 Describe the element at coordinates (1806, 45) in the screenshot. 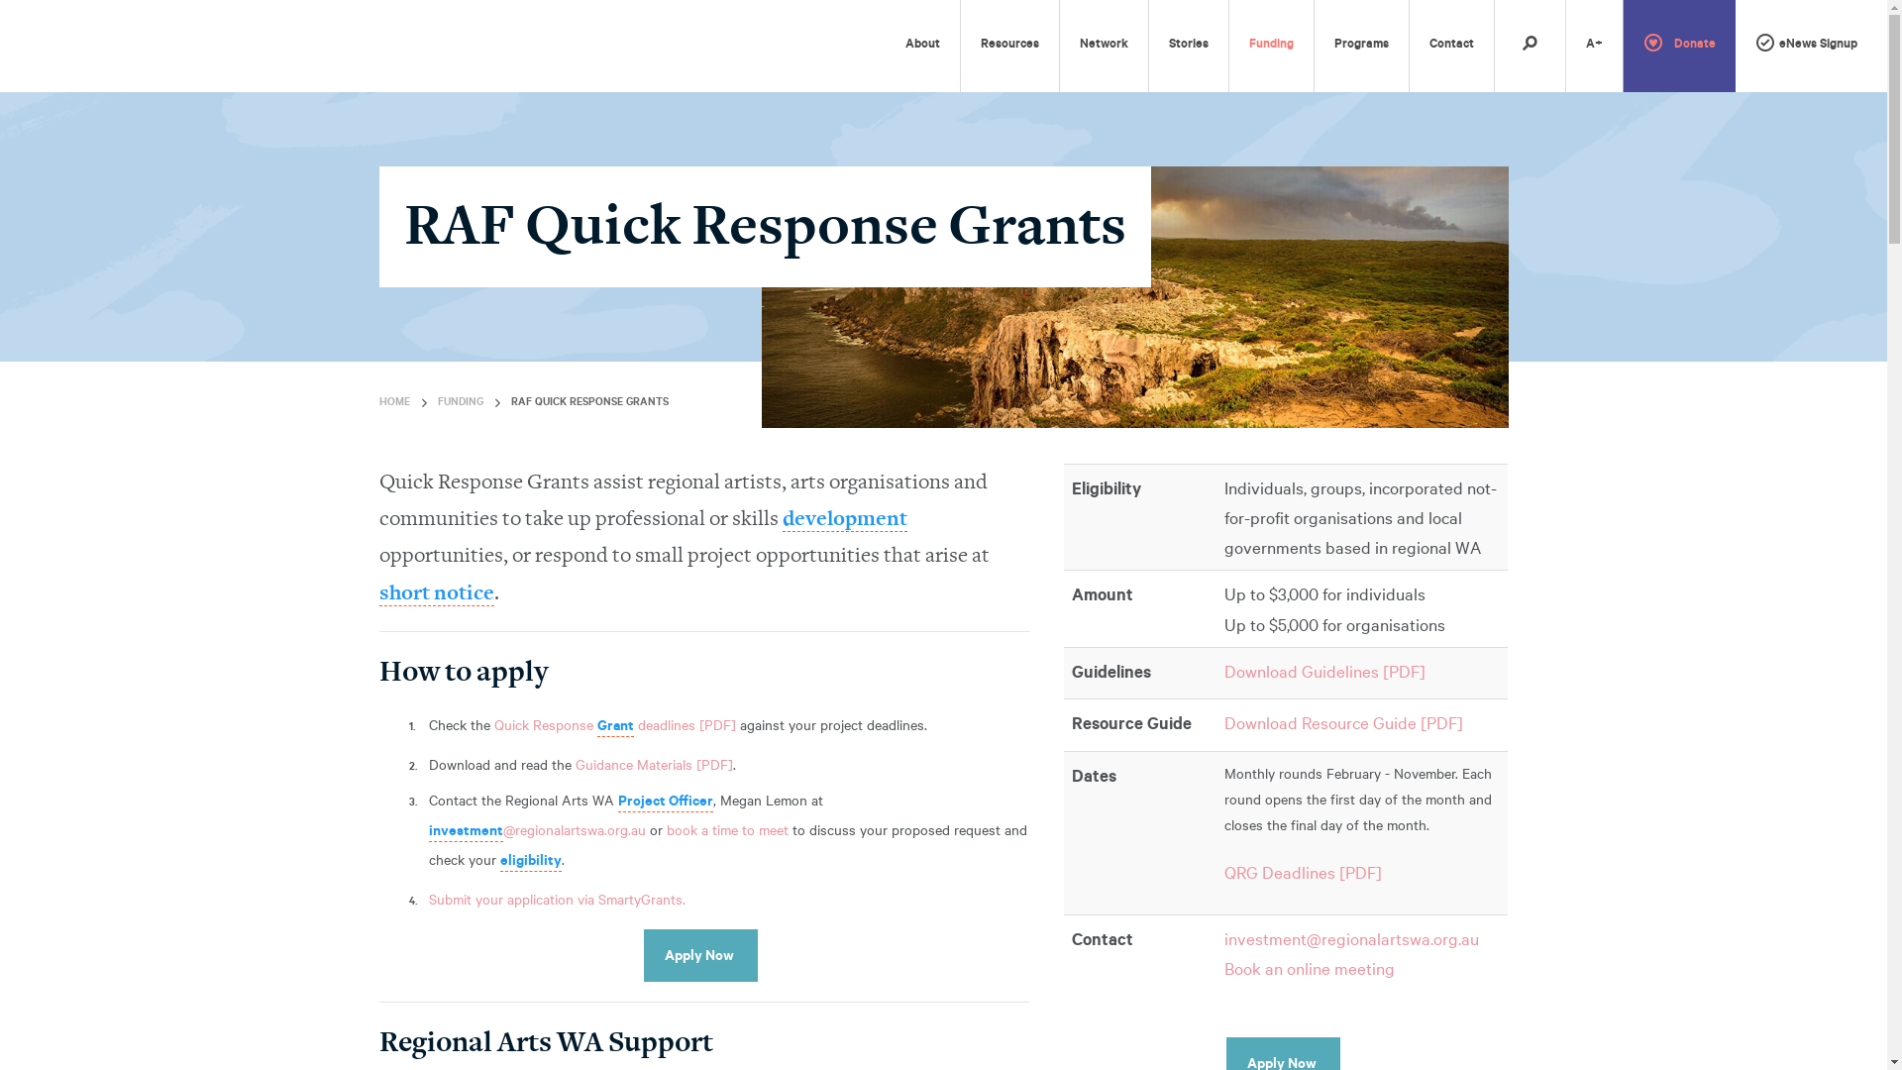

I see `'eNews Signup'` at that location.